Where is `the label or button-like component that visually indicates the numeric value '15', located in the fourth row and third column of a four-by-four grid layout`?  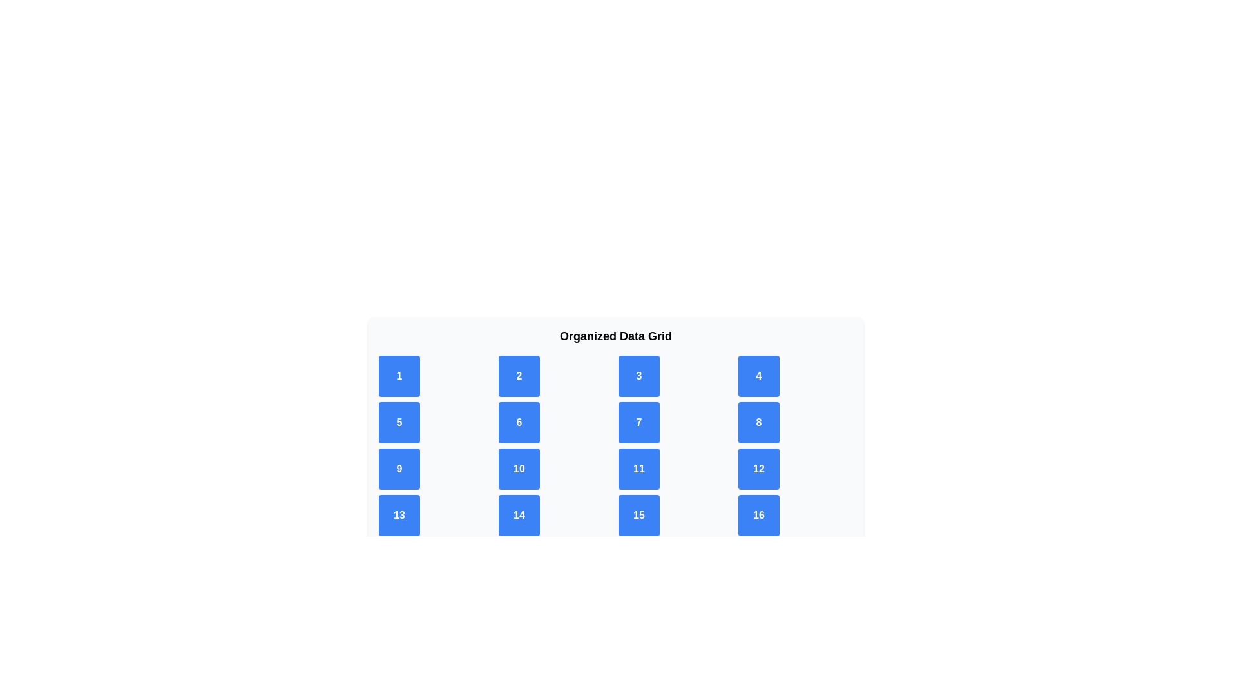 the label or button-like component that visually indicates the numeric value '15', located in the fourth row and third column of a four-by-four grid layout is located at coordinates (639, 514).